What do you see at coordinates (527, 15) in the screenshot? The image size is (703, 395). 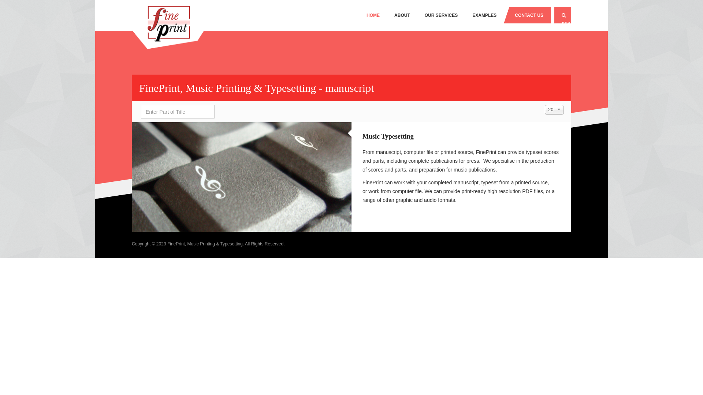 I see `'CONTACT US'` at bounding box center [527, 15].